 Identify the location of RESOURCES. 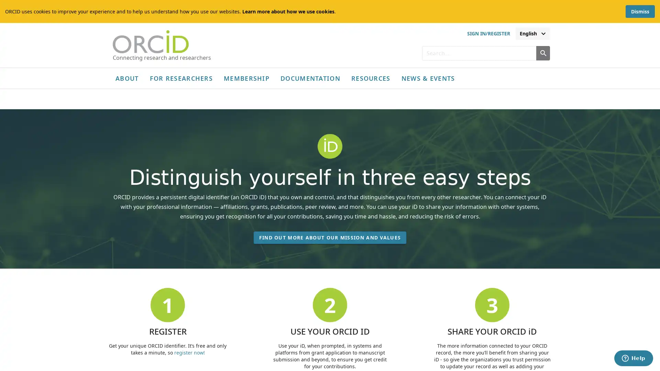
(370, 78).